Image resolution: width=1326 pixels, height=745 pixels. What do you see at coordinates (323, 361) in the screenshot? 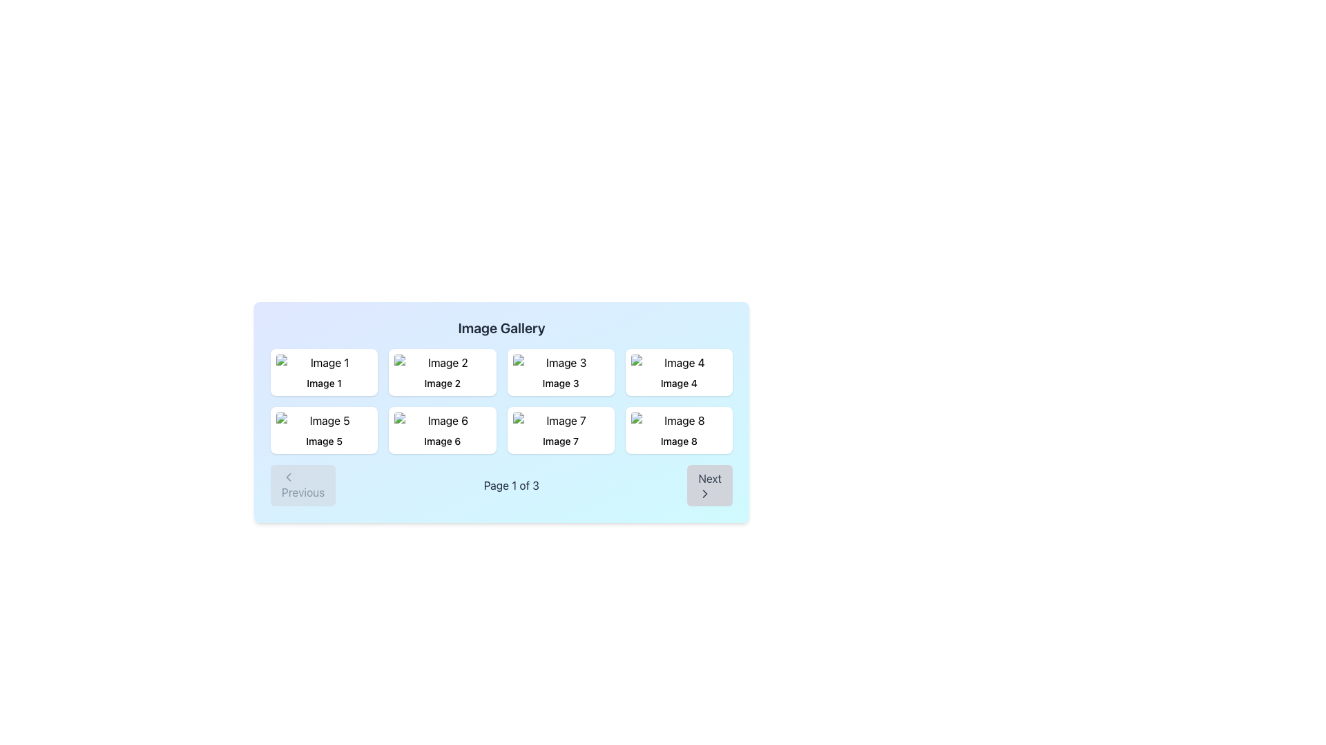
I see `the image placeholder labeled 'Image 1', which is the top image in the first position of the first row of the image gallery grid layout` at bounding box center [323, 361].